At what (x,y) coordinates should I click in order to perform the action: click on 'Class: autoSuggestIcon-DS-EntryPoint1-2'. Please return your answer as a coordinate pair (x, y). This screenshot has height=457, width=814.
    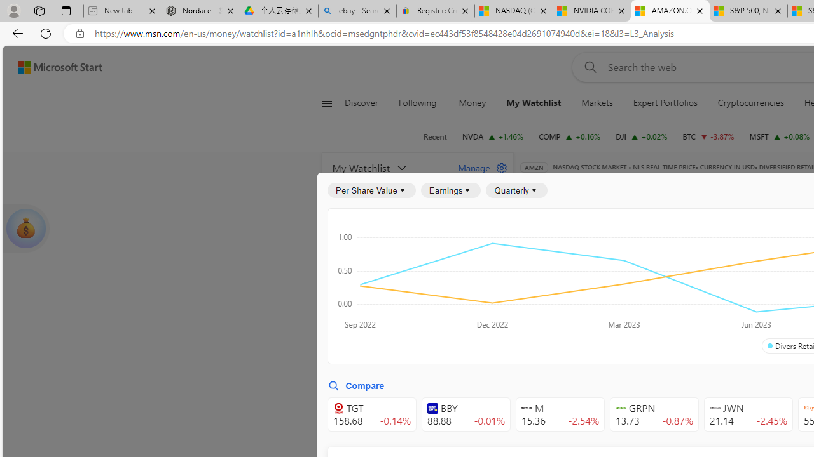
    Looking at the image, I should click on (715, 408).